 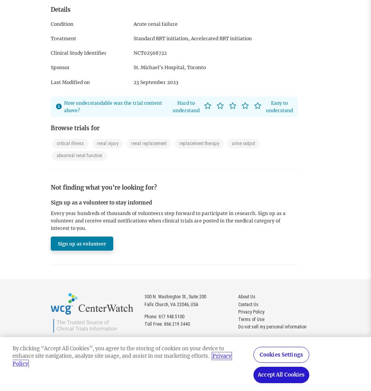 What do you see at coordinates (168, 220) in the screenshot?
I see `'Every year hundreds of thousands of volunteers step forward to participate in research. Sign up as a volunteer and receive email notifications when clinical trials are posted in the medical category of interest to you.'` at bounding box center [168, 220].